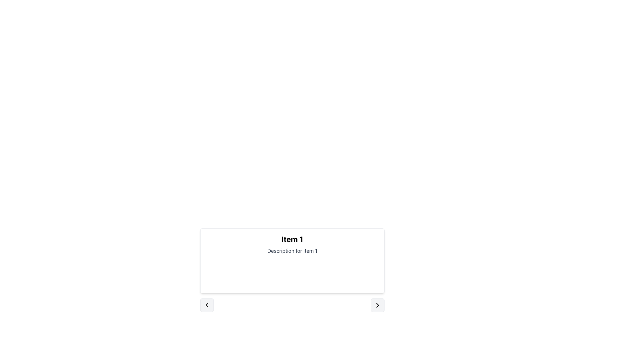 The image size is (623, 350). What do you see at coordinates (292, 251) in the screenshot?
I see `the text label displaying 'Description for item 1', which is styled in gray and located beneath the bold title 'Item 1' within a bordered card-like structure` at bounding box center [292, 251].